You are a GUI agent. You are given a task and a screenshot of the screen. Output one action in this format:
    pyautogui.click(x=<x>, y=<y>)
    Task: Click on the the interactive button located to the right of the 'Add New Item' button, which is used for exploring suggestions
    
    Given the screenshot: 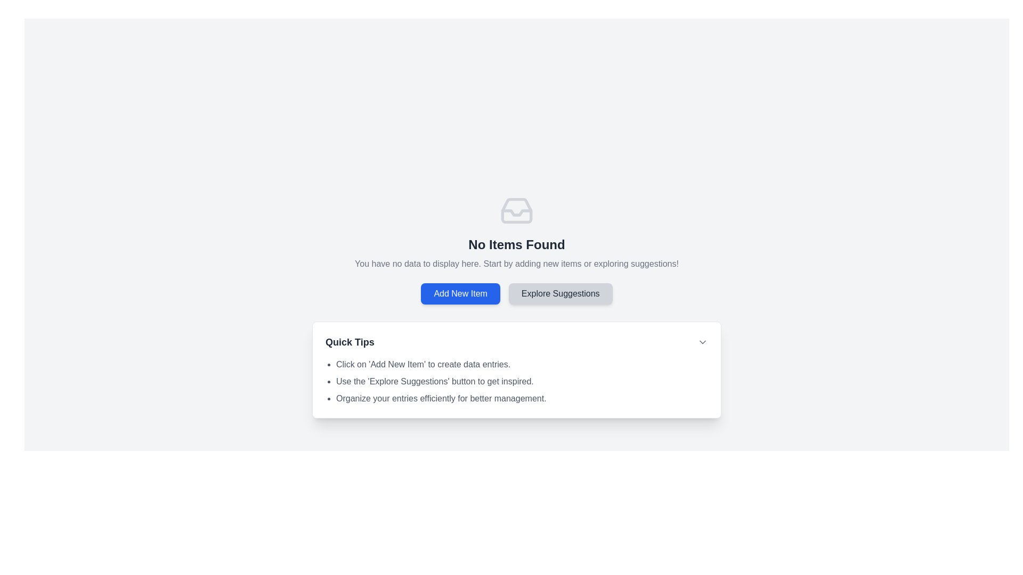 What is the action you would take?
    pyautogui.click(x=560, y=293)
    